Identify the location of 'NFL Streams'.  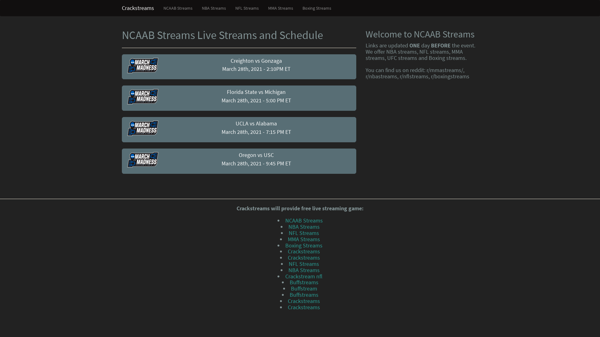
(304, 264).